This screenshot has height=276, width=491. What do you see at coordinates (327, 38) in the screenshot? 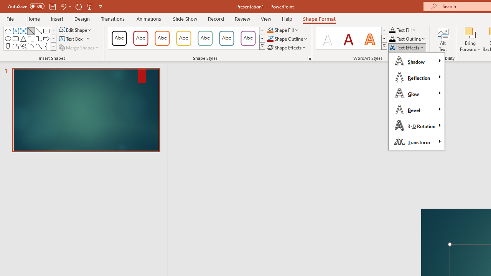
I see `'Fill: White, Text color 1; Shadow'` at bounding box center [327, 38].